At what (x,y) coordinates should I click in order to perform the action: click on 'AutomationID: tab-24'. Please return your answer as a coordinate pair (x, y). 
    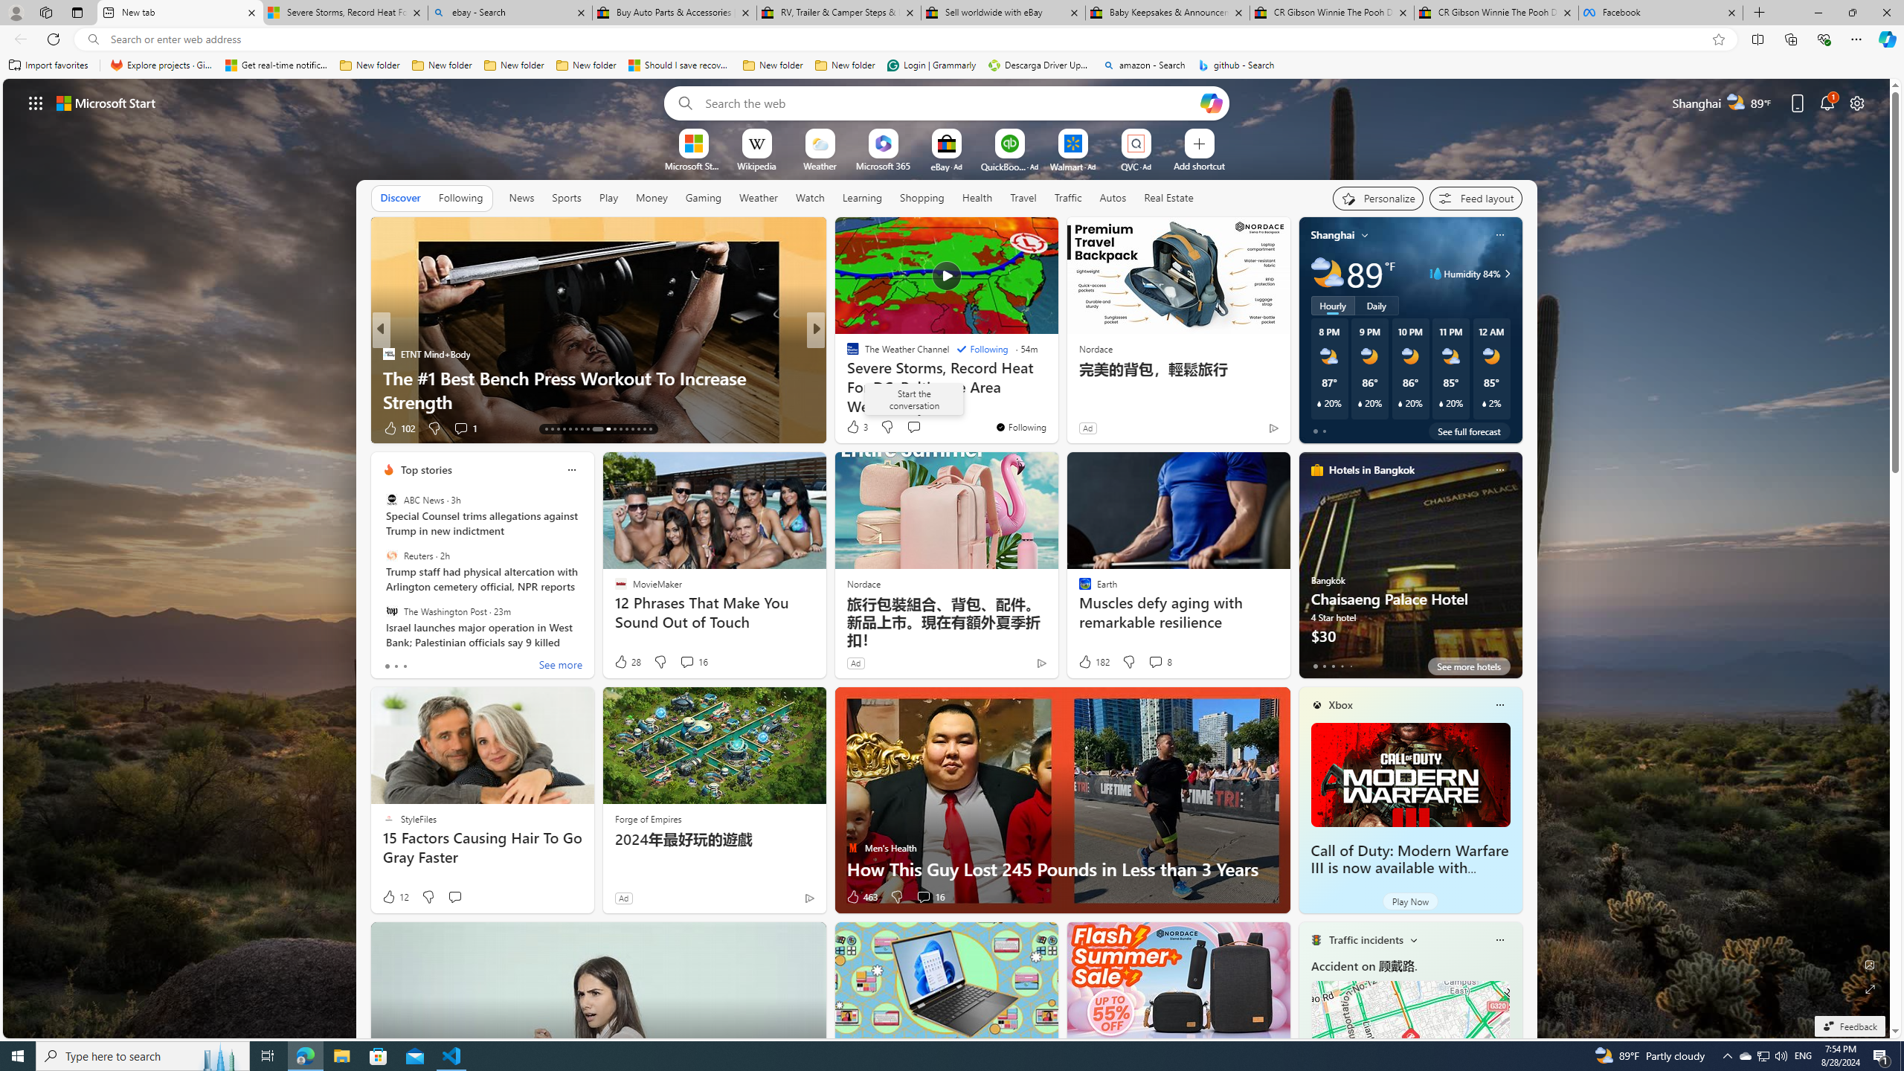
    Looking at the image, I should click on (620, 429).